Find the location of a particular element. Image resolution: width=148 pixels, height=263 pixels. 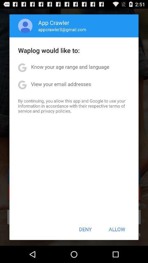

the know your age app is located at coordinates (70, 66).